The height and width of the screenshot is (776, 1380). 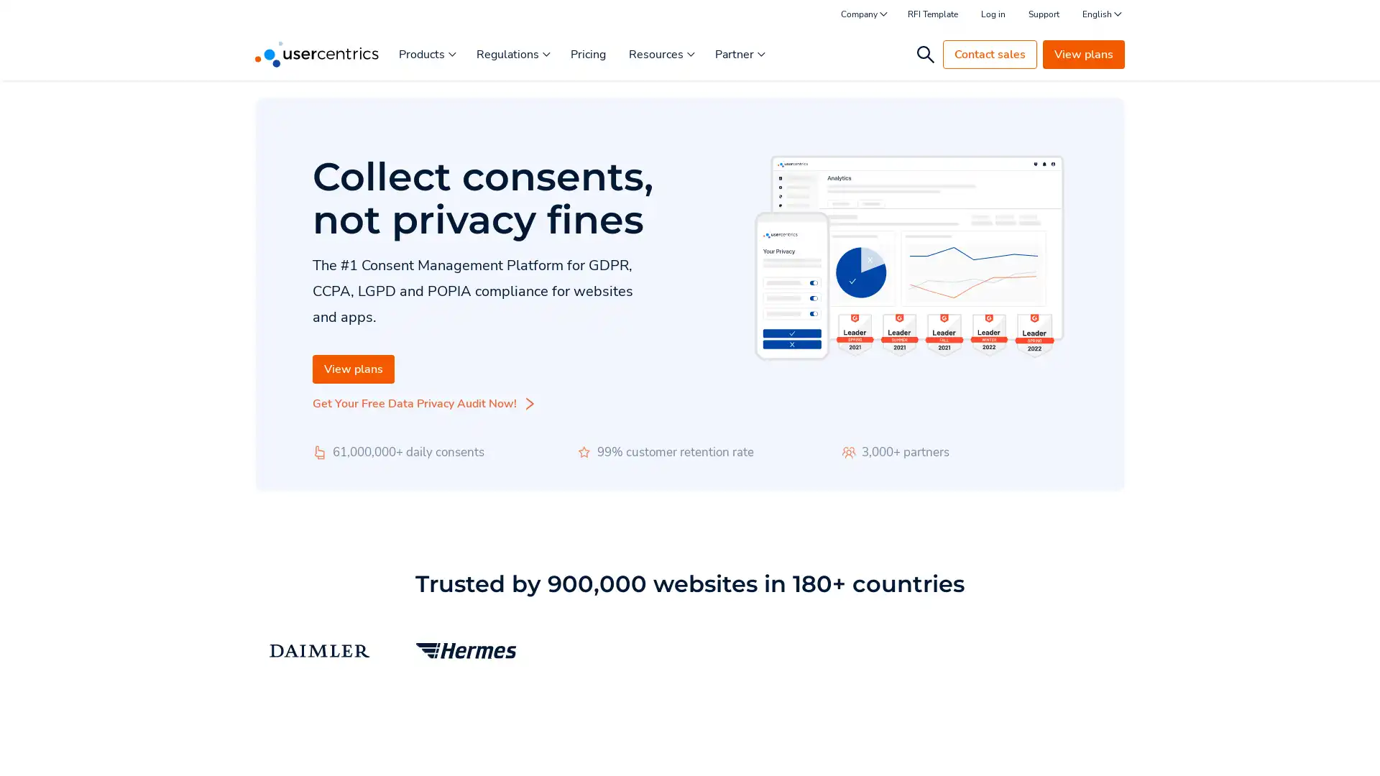 What do you see at coordinates (182, 732) in the screenshot?
I see `More Information` at bounding box center [182, 732].